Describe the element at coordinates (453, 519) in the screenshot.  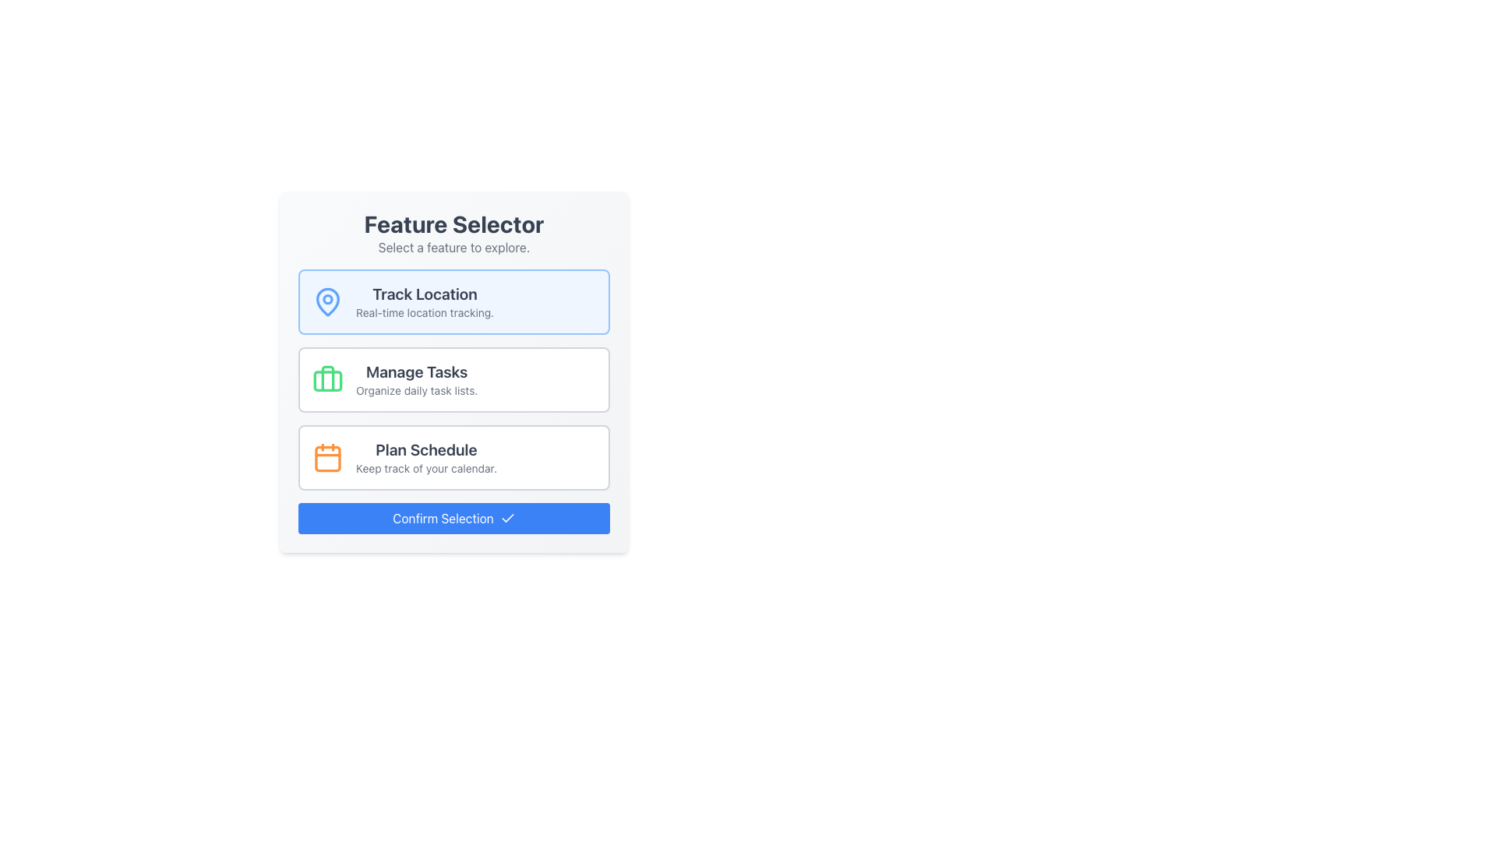
I see `the confirmation button located at the bottom of the 'Feature Selector' panel to finalize the user's choice` at that location.